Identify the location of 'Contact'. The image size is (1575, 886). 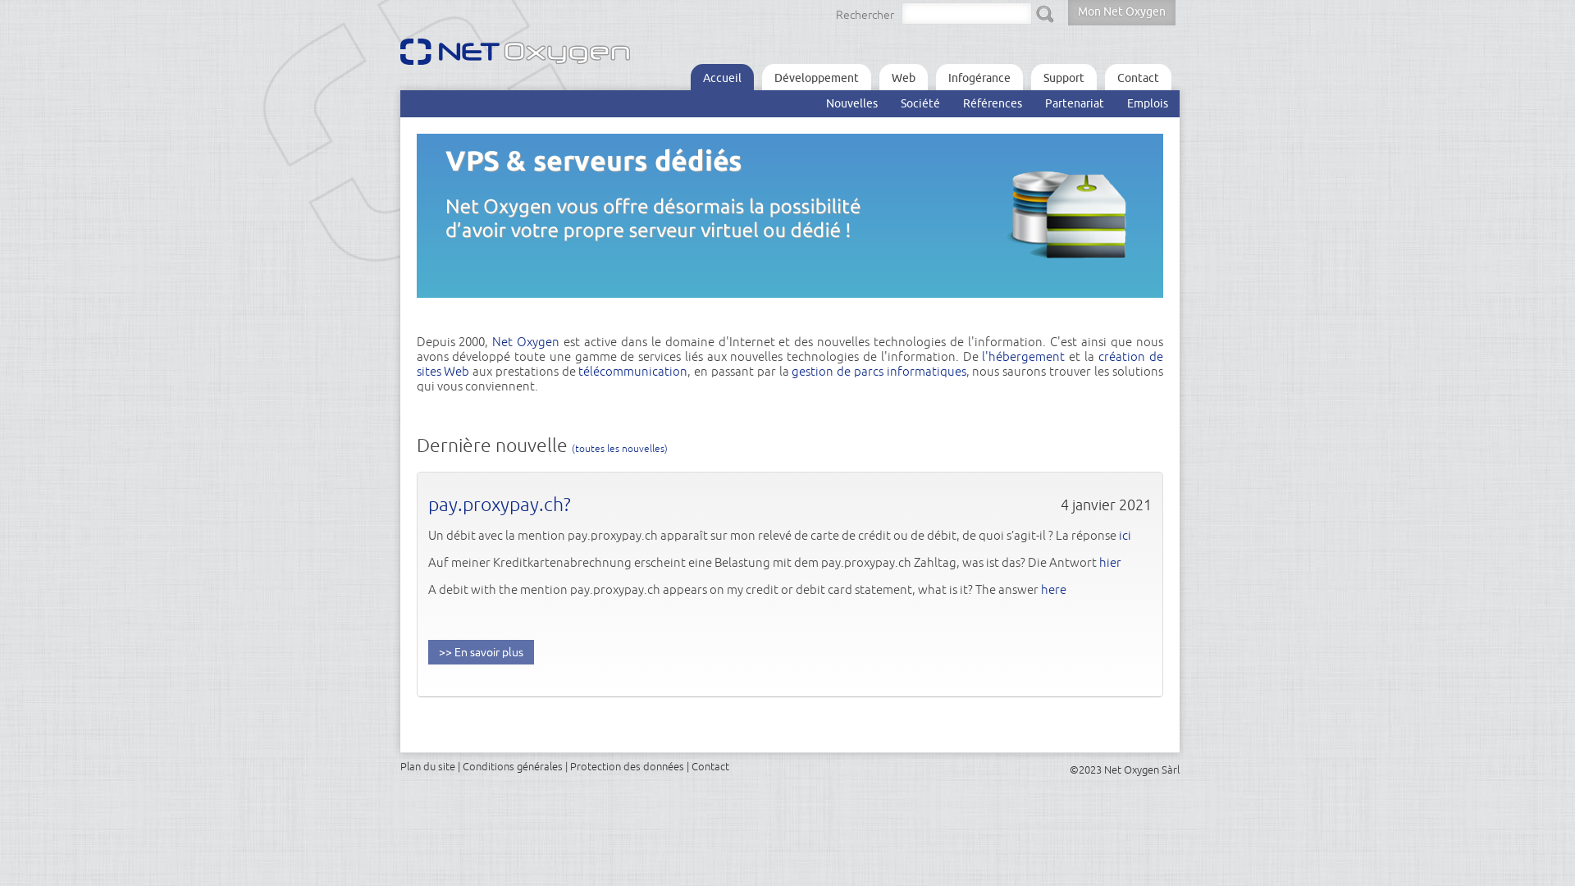
(709, 765).